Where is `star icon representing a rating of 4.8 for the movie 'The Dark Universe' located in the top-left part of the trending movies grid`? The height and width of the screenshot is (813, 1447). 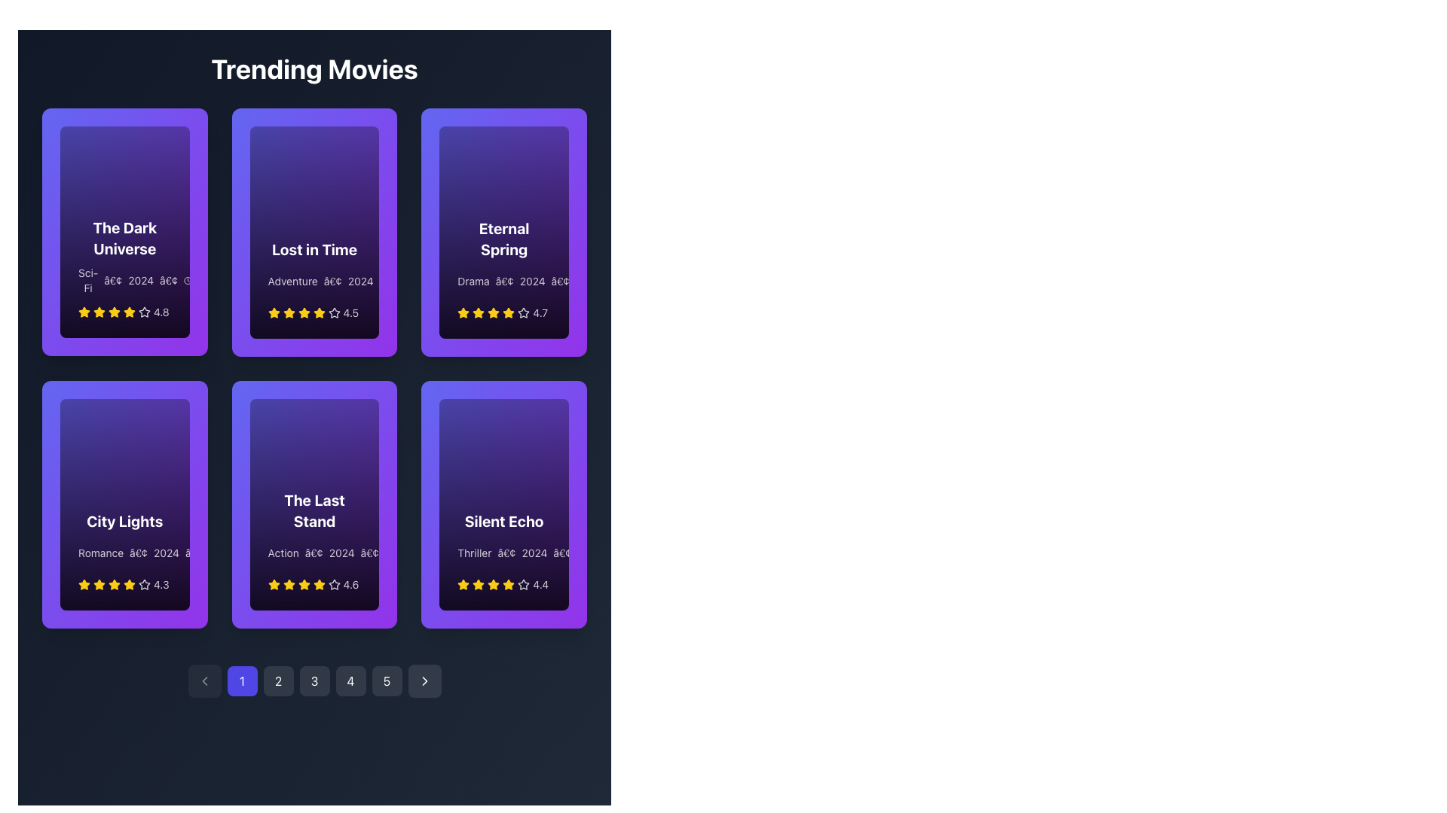
star icon representing a rating of 4.8 for the movie 'The Dark Universe' located in the top-left part of the trending movies grid is located at coordinates (145, 312).